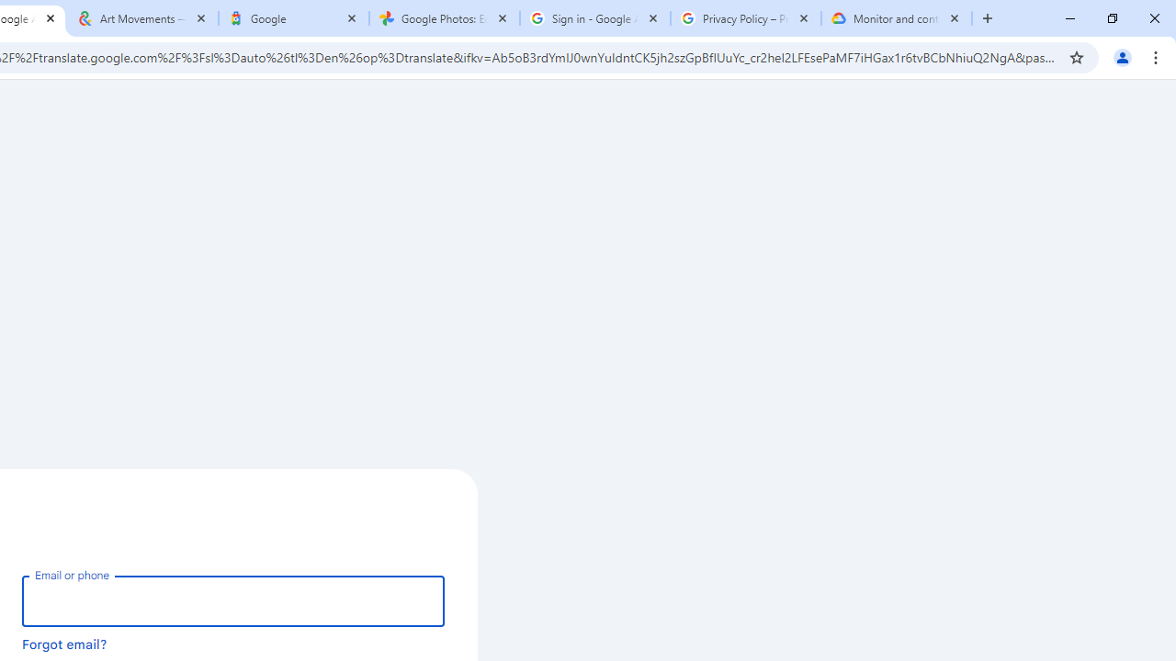 This screenshot has width=1176, height=661. Describe the element at coordinates (64, 643) in the screenshot. I see `'Forgot email?'` at that location.